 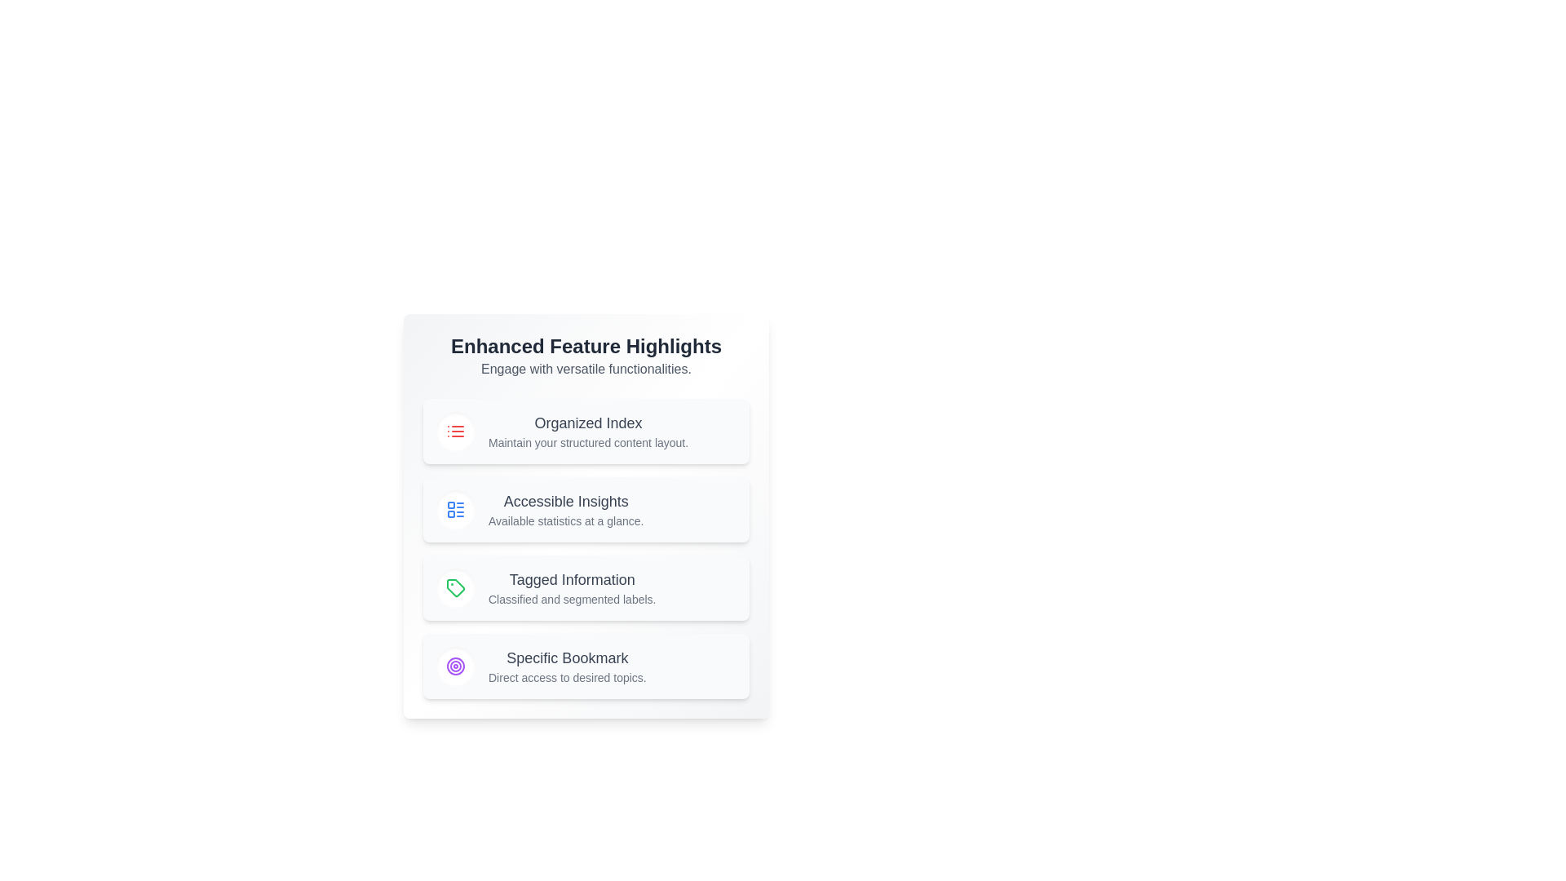 What do you see at coordinates (455, 588) in the screenshot?
I see `the icon representing Tagged Information` at bounding box center [455, 588].